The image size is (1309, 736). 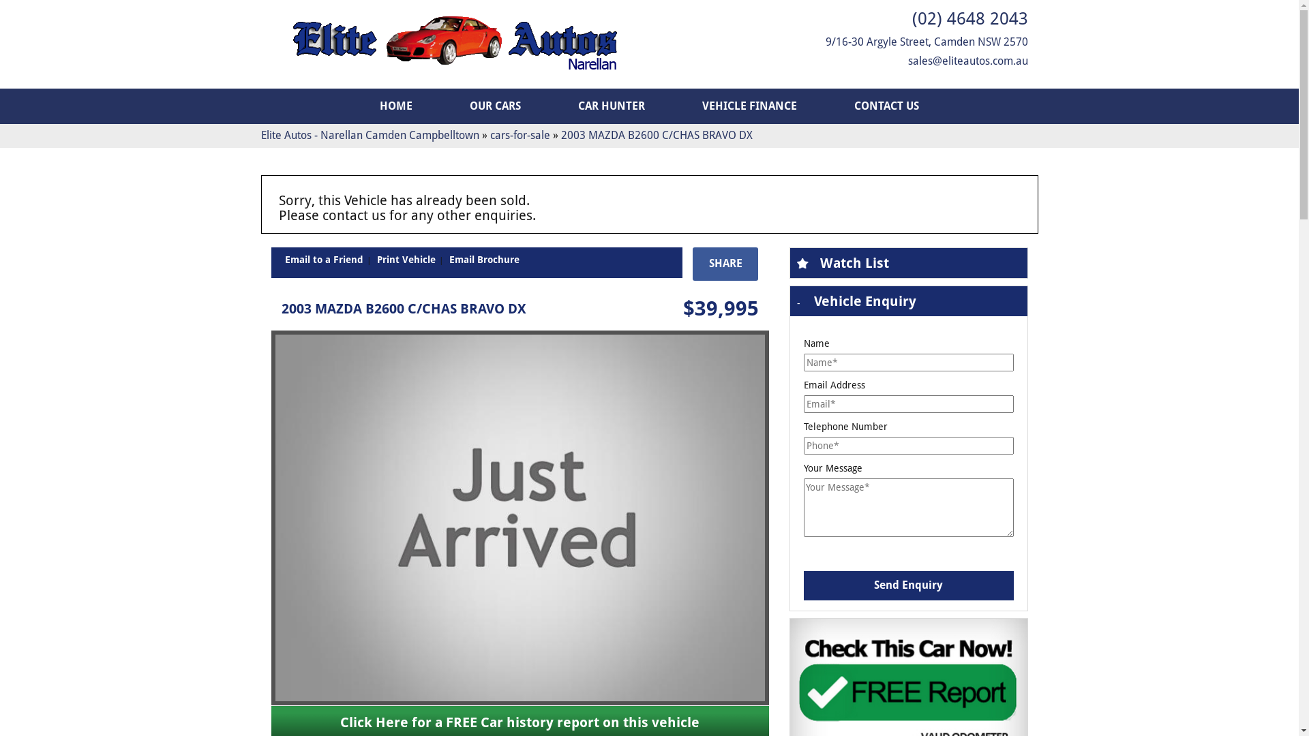 What do you see at coordinates (908, 262) in the screenshot?
I see `'Watch List'` at bounding box center [908, 262].